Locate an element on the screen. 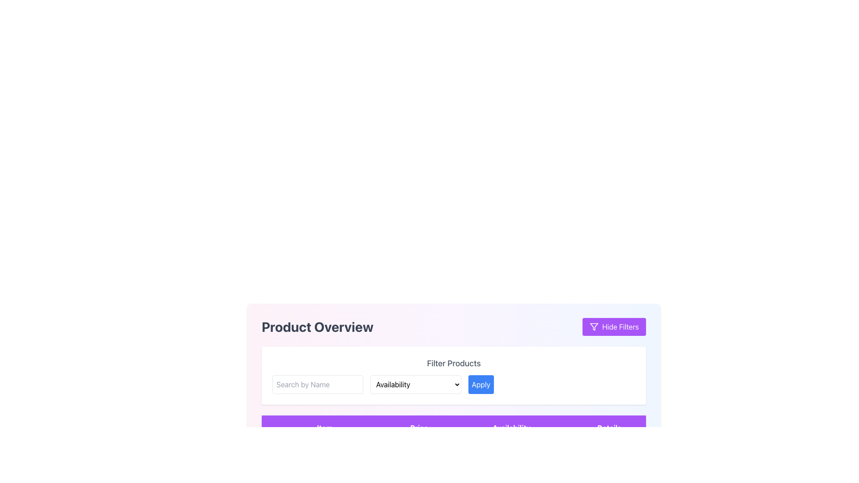 The height and width of the screenshot is (483, 859). the Table Header Row with a purple background and white text, which contains the titles 'Item', 'Price', 'Availability', and 'Details' is located at coordinates (454, 427).